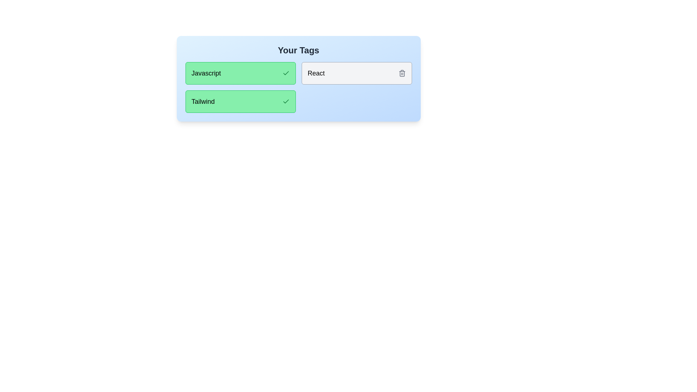 This screenshot has height=392, width=697. I want to click on the tag with text Javascript to toggle its status, so click(240, 73).